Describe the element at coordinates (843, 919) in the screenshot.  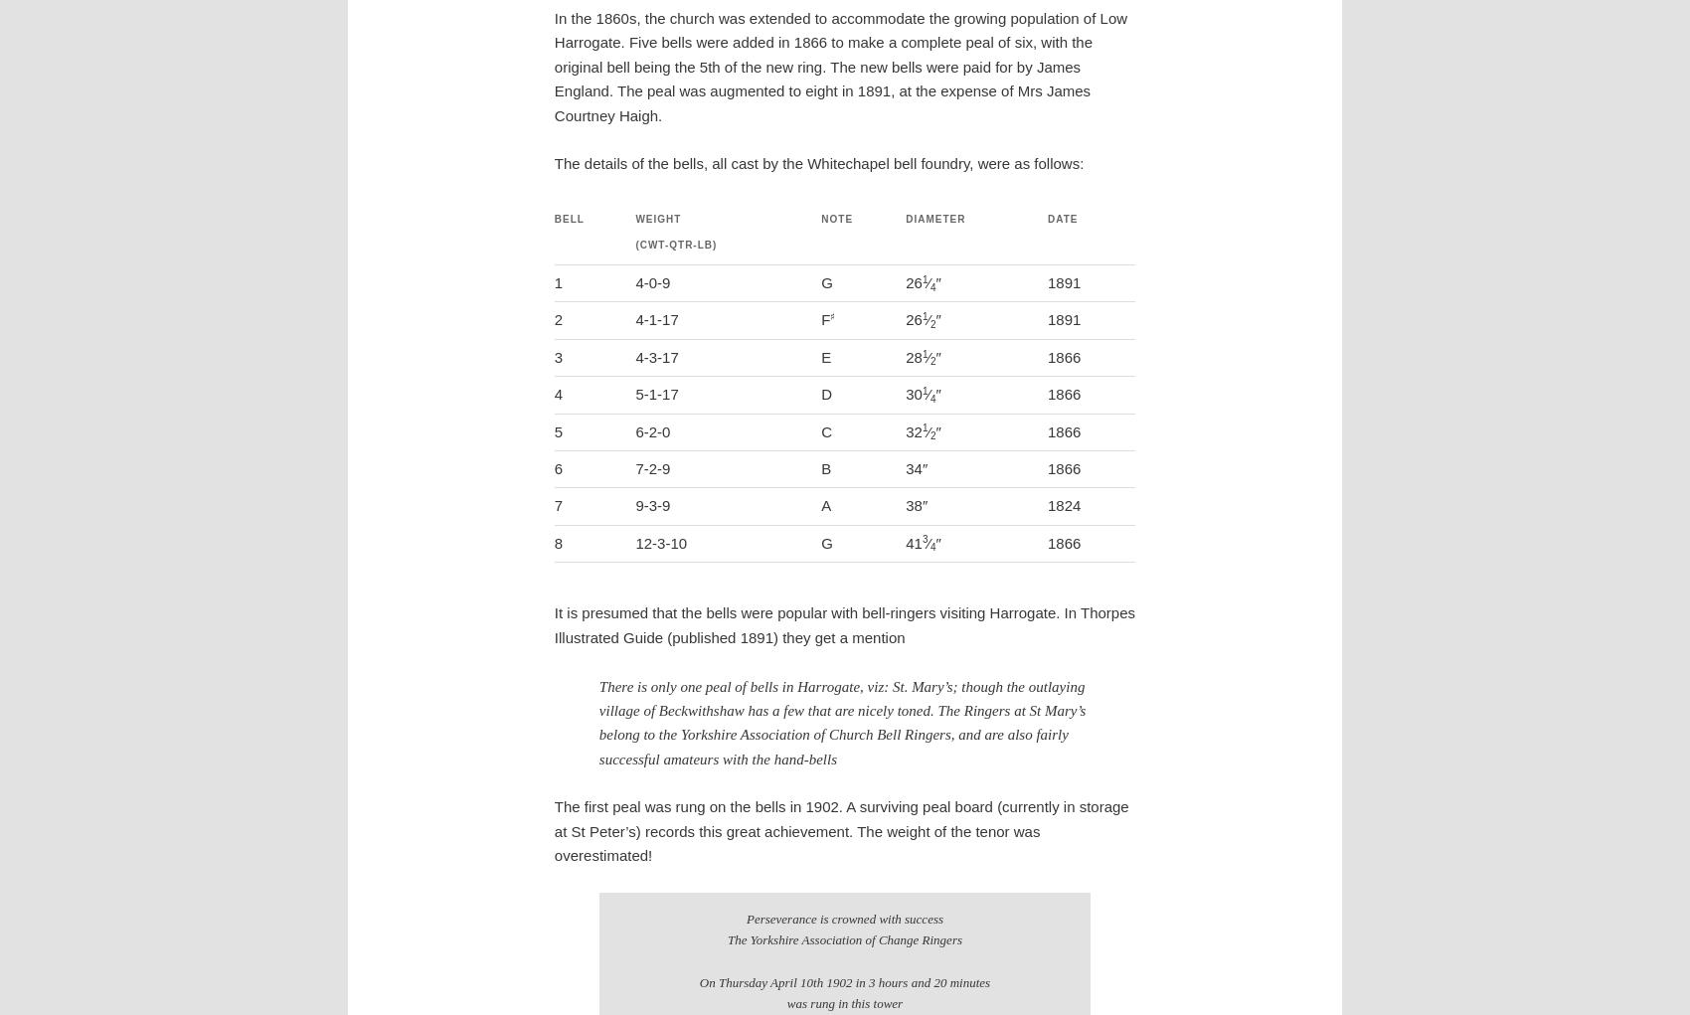
I see `'Perseverance is crowned with success'` at that location.